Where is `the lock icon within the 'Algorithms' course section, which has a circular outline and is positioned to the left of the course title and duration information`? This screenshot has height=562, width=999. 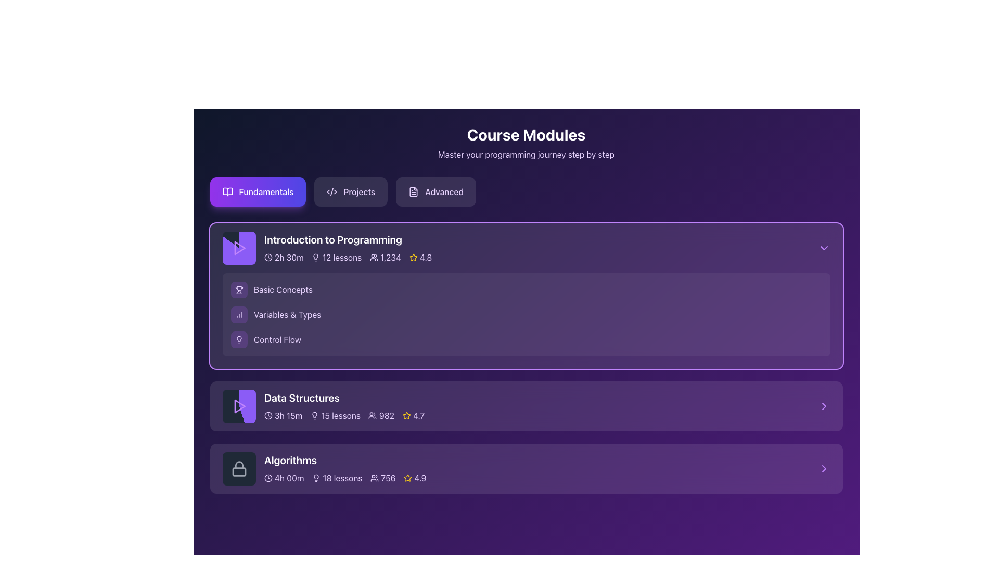
the lock icon within the 'Algorithms' course section, which has a circular outline and is positioned to the left of the course title and duration information is located at coordinates (238, 469).